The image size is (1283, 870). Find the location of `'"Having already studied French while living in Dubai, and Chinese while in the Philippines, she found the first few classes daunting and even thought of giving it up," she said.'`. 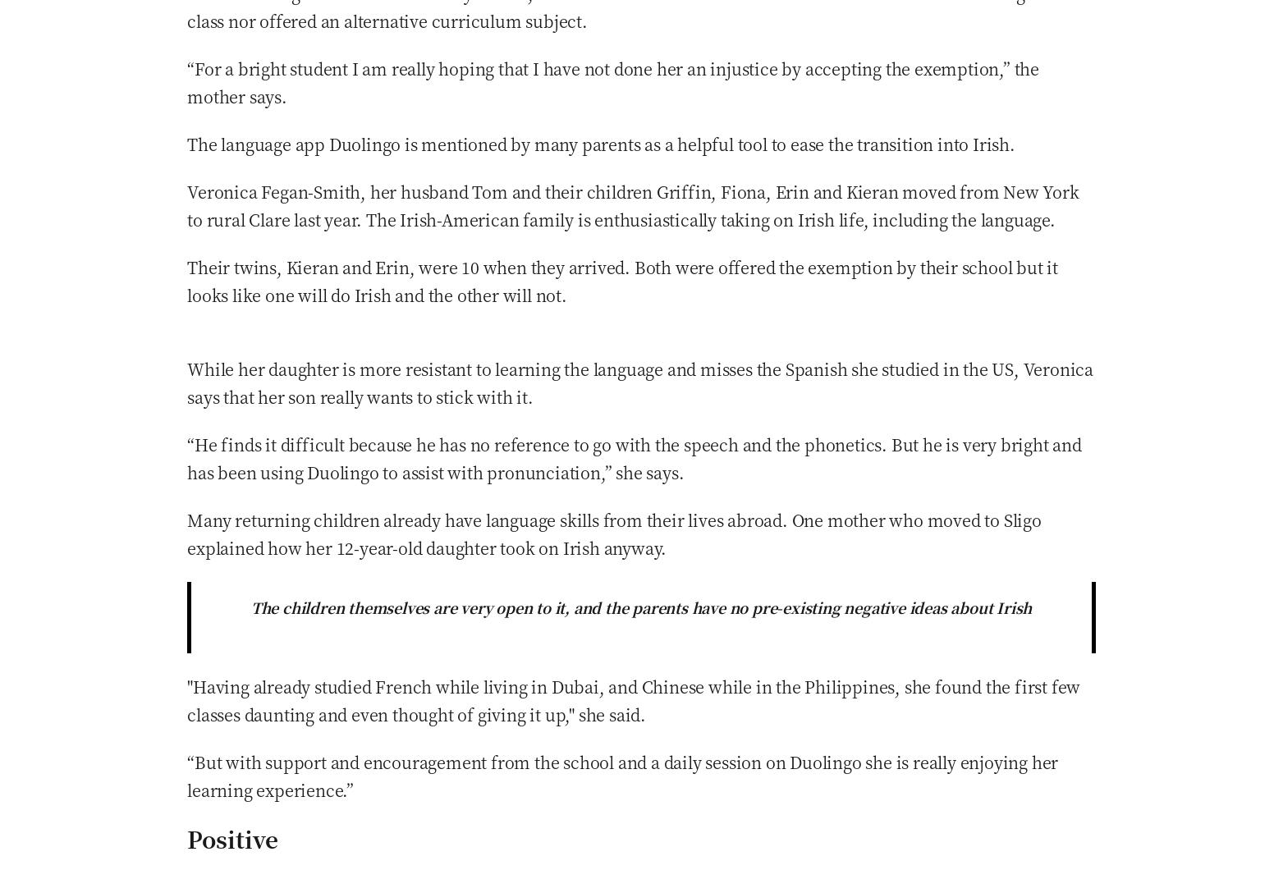

'"Having already studied French while living in Dubai, and Chinese while in the Philippines, she found the first few classes daunting and even thought of giving it up," she said.' is located at coordinates (633, 699).